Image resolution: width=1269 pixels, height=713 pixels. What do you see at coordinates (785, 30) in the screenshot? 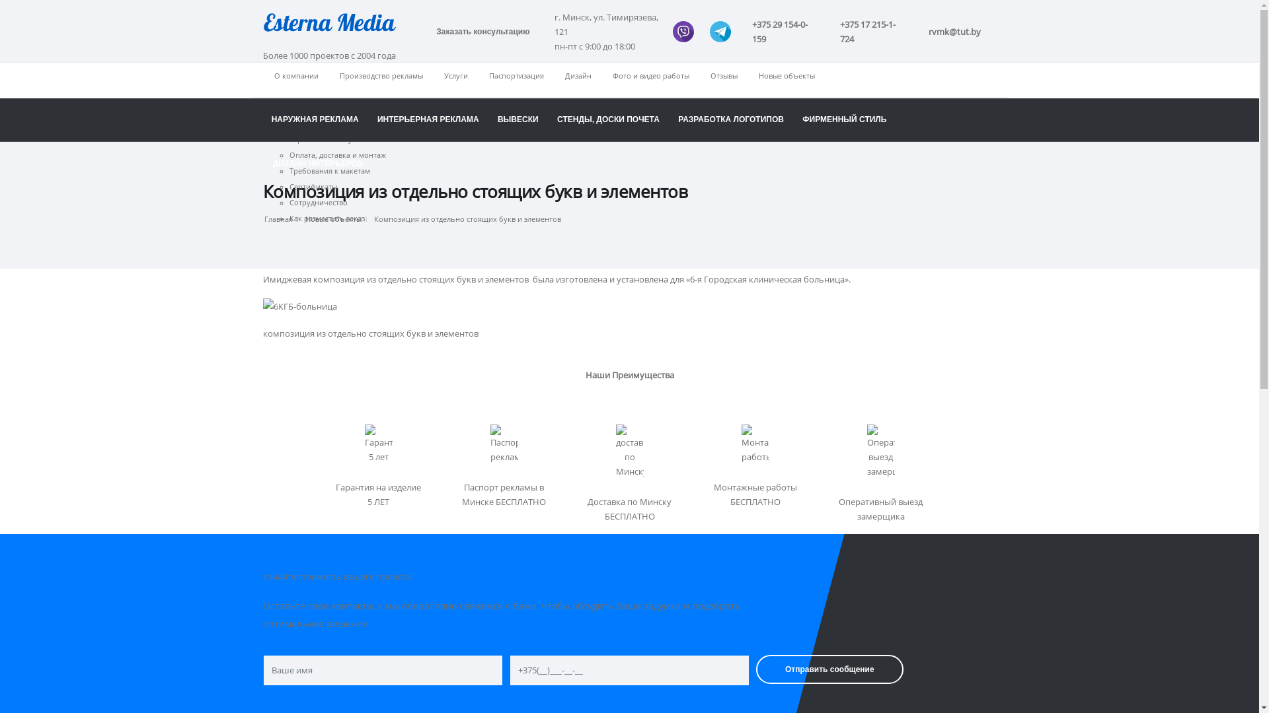
I see `'+375 29 154-0-159'` at bounding box center [785, 30].